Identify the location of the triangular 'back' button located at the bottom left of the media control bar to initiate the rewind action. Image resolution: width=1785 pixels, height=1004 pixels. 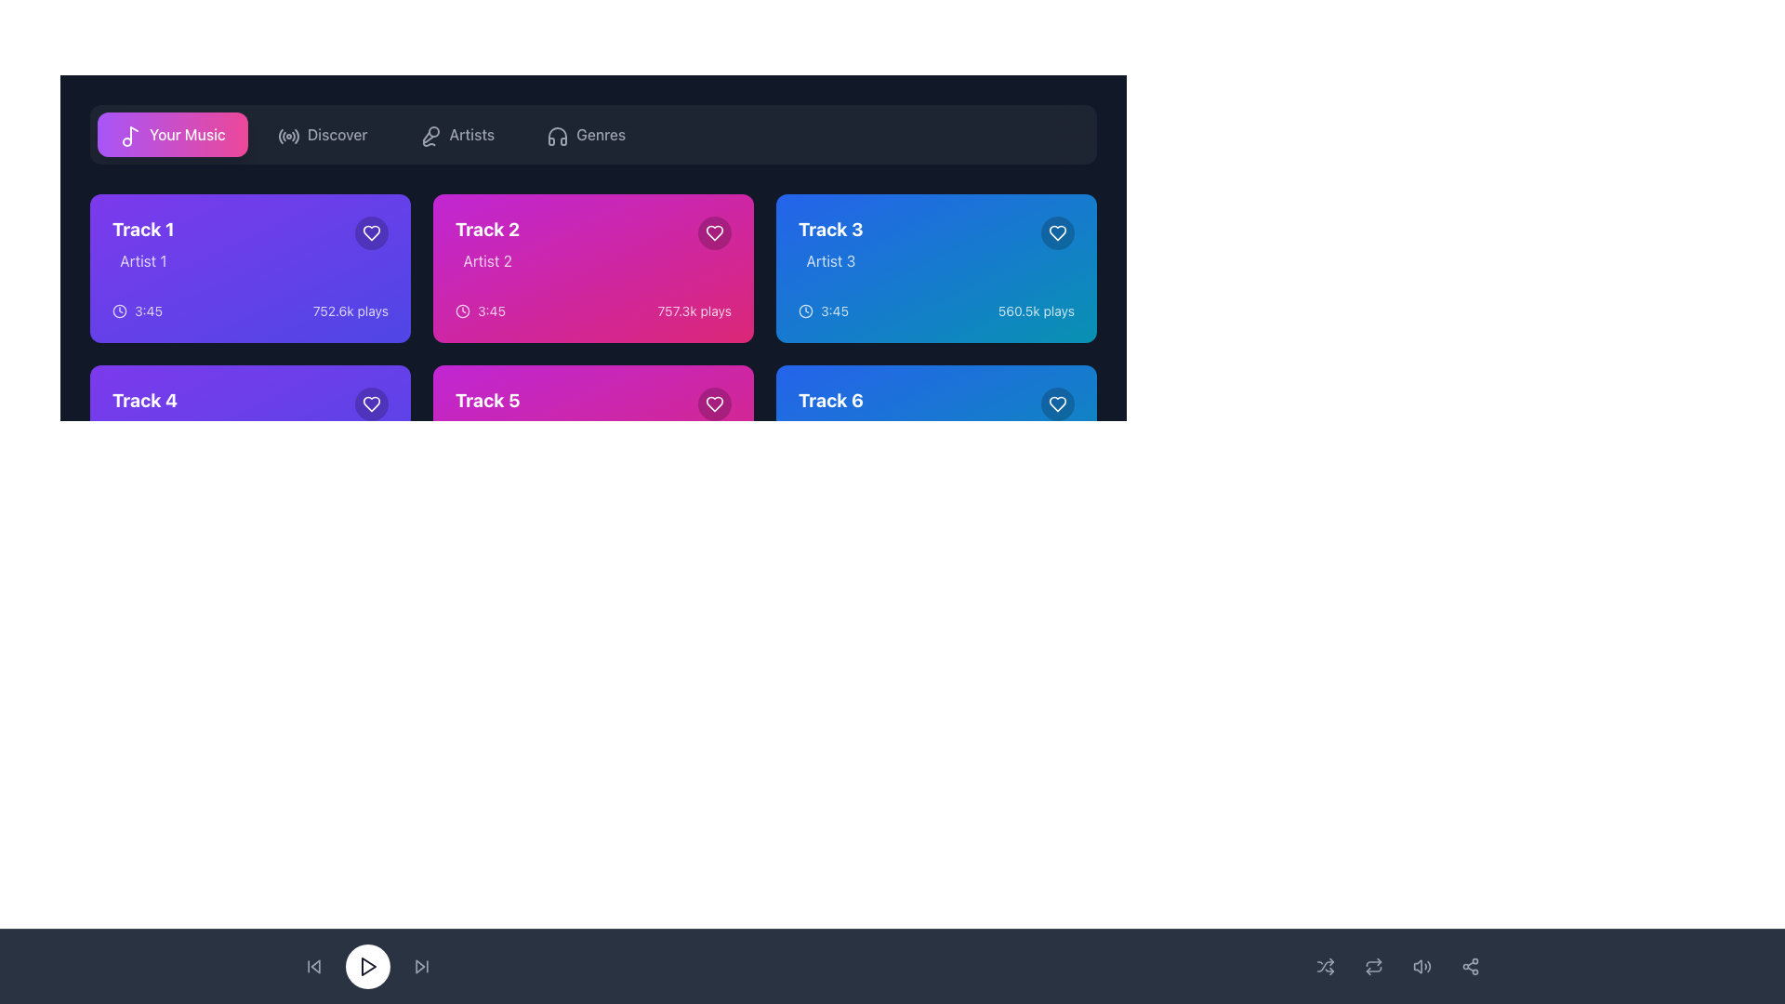
(315, 966).